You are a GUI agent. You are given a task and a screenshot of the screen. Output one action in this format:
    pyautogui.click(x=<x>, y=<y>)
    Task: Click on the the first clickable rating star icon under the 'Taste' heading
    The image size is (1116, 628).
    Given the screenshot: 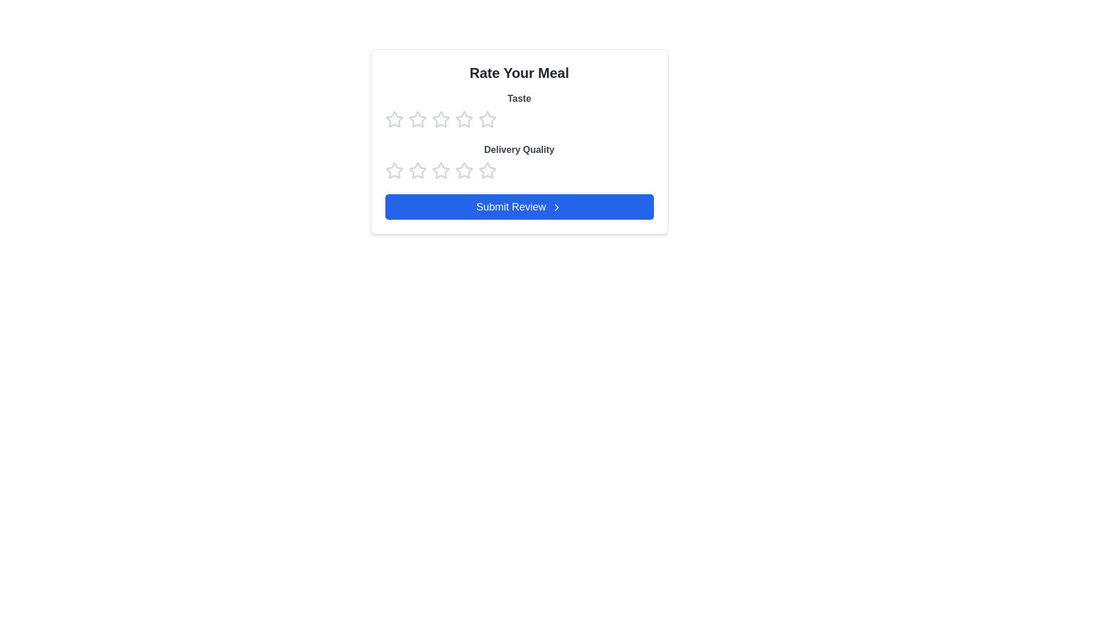 What is the action you would take?
    pyautogui.click(x=394, y=119)
    